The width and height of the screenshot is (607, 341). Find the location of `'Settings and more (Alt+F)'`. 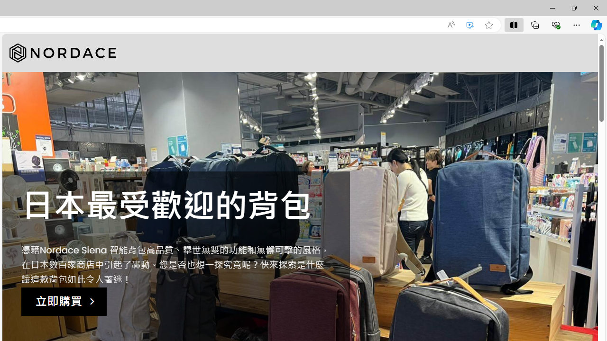

'Settings and more (Alt+F)' is located at coordinates (576, 24).